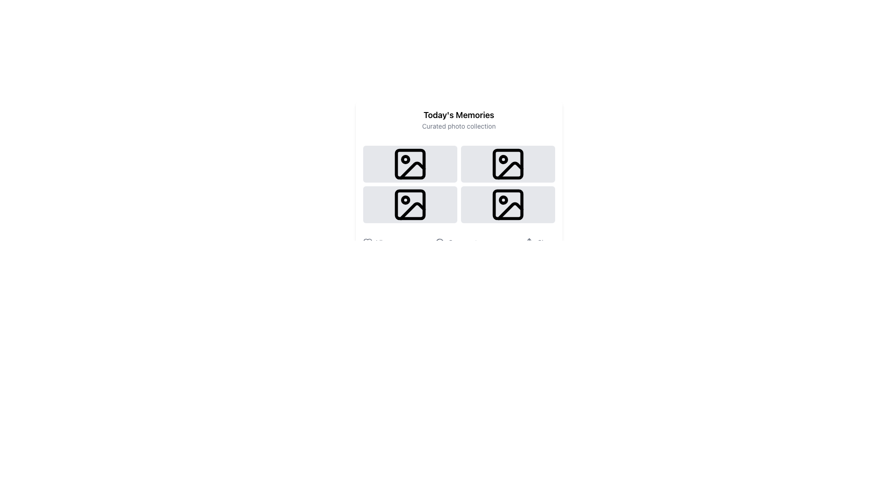  Describe the element at coordinates (507, 204) in the screenshot. I see `the non-interactive card placeholder located in the bottom-right corner of the 'Today's Memories' section, which features a light gray background and a dark outline image icon` at that location.